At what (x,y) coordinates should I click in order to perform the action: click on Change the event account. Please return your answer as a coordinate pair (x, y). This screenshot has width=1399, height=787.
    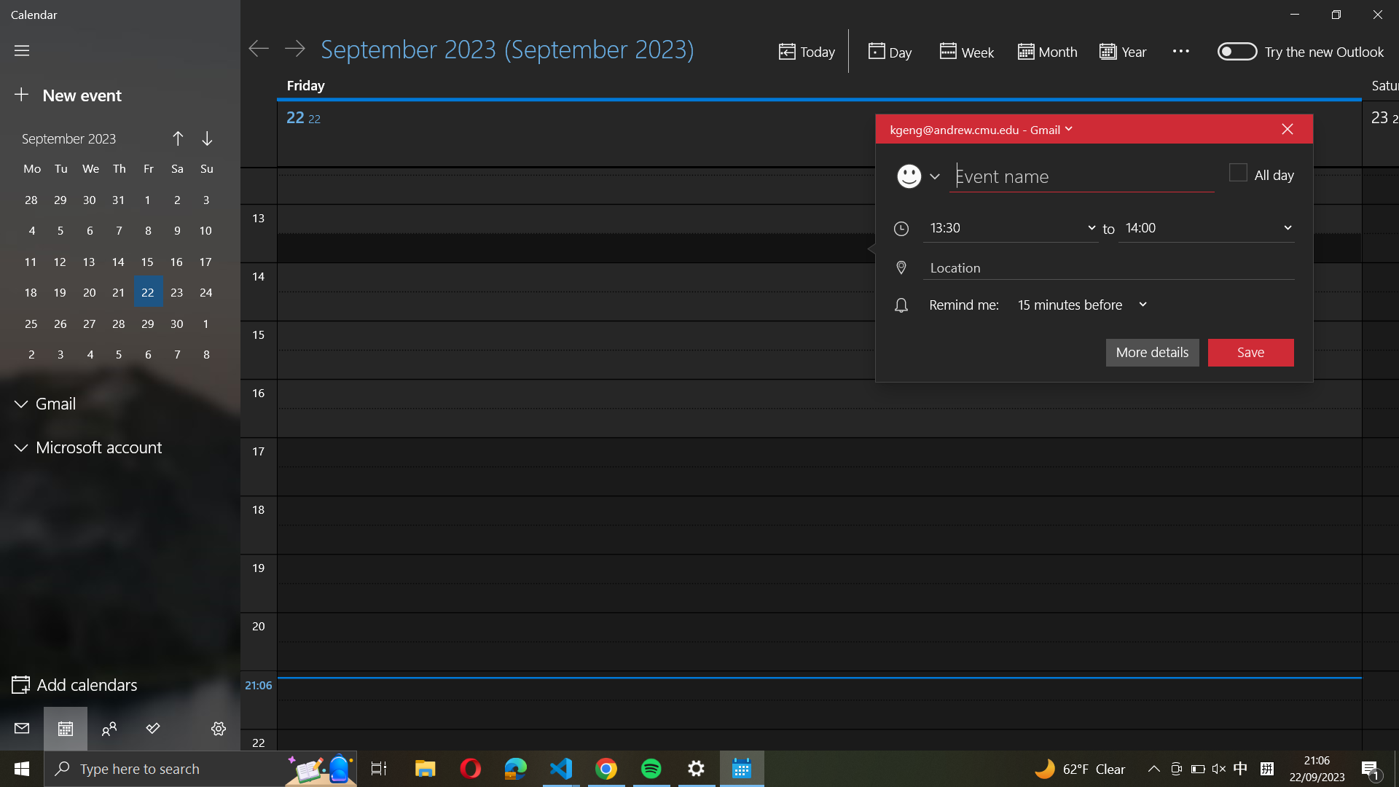
    Looking at the image, I should click on (979, 128).